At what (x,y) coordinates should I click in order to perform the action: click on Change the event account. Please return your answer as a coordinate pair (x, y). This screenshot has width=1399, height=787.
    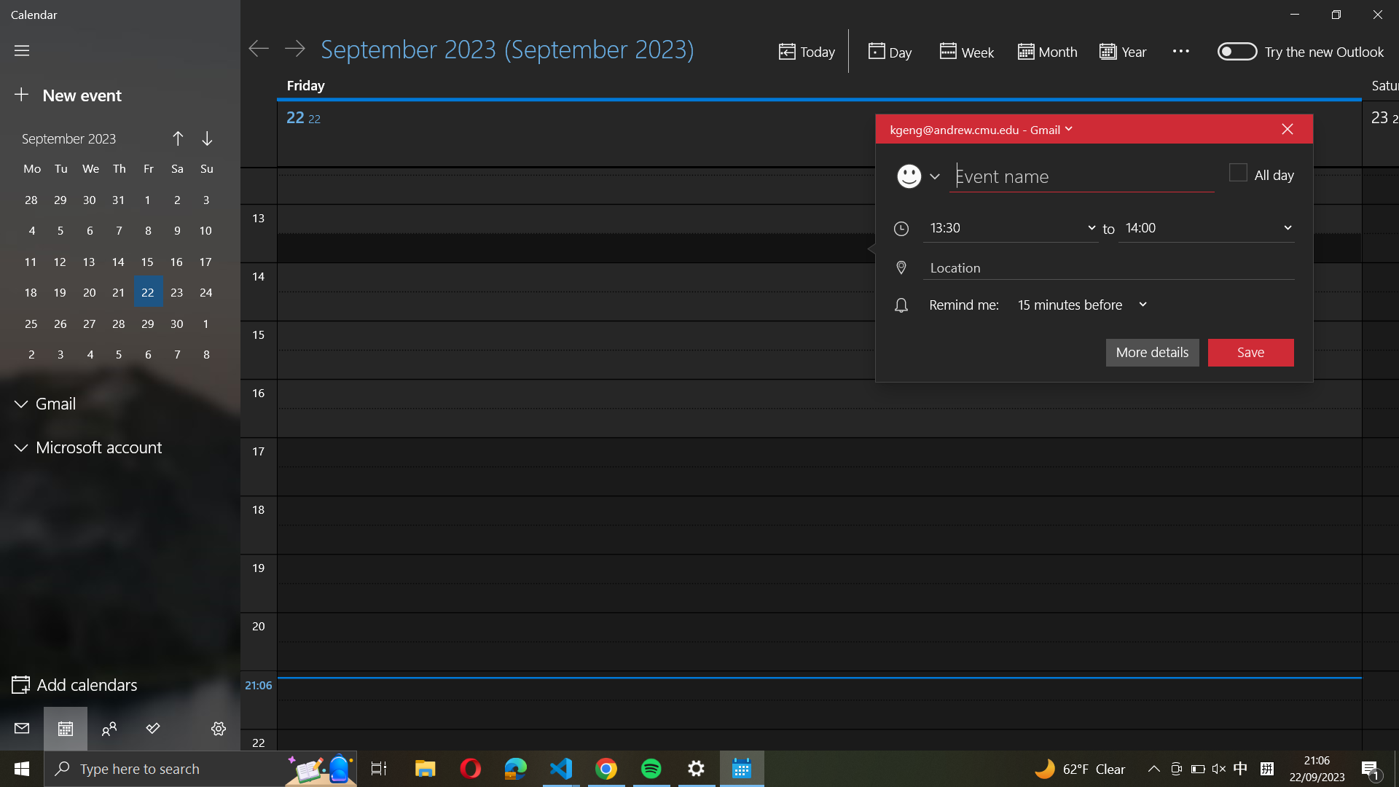
    Looking at the image, I should click on (979, 128).